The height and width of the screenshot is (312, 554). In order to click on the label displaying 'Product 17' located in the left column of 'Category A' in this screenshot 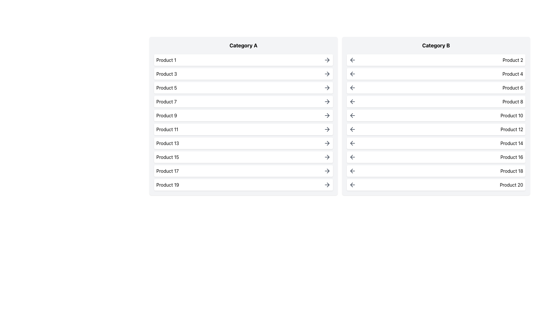, I will do `click(167, 170)`.